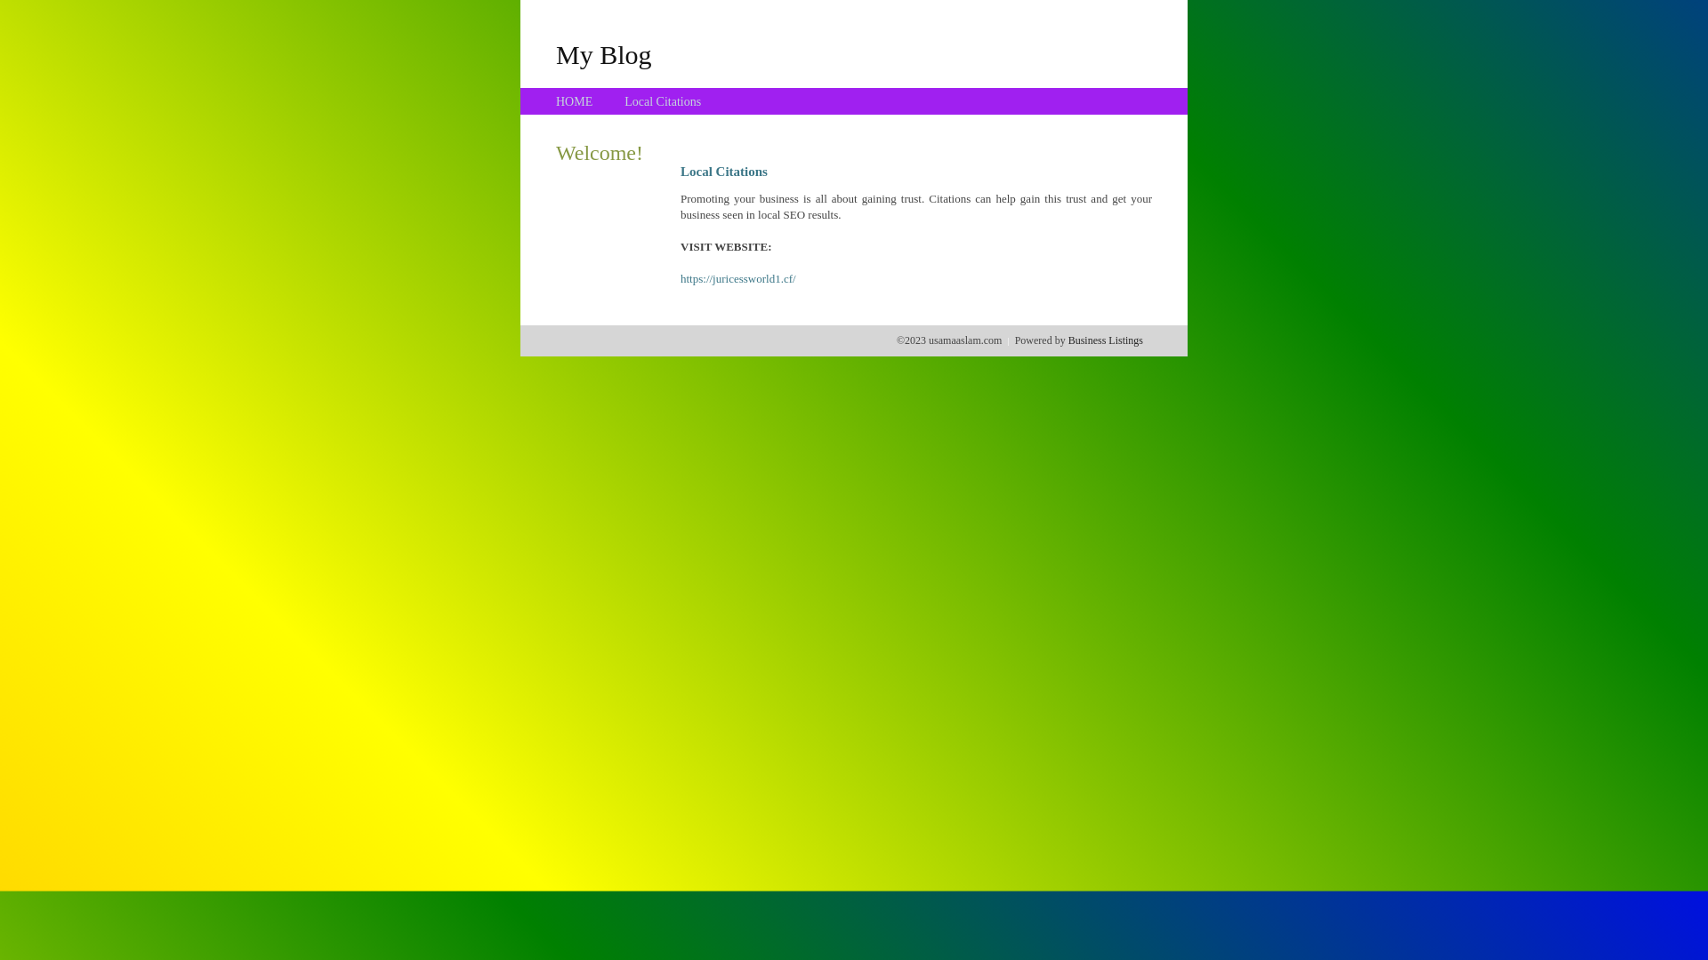 The width and height of the screenshot is (1708, 960). Describe the element at coordinates (738, 278) in the screenshot. I see `'https://juricessworld1.cf/'` at that location.